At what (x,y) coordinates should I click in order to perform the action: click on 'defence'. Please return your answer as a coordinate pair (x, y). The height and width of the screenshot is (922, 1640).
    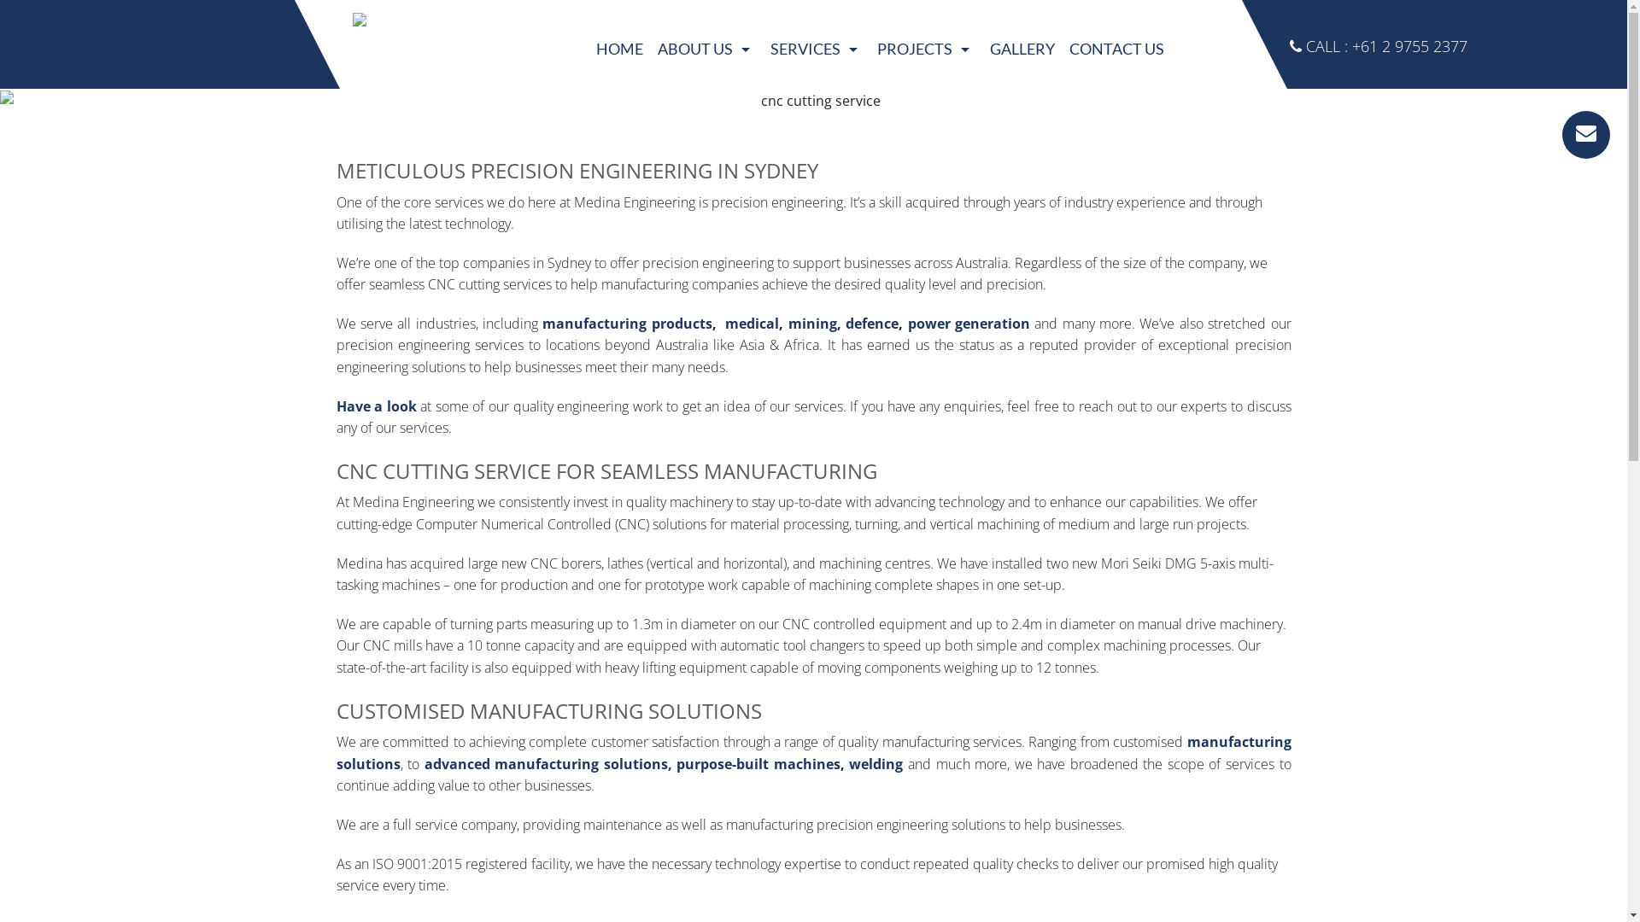
    Looking at the image, I should click on (872, 323).